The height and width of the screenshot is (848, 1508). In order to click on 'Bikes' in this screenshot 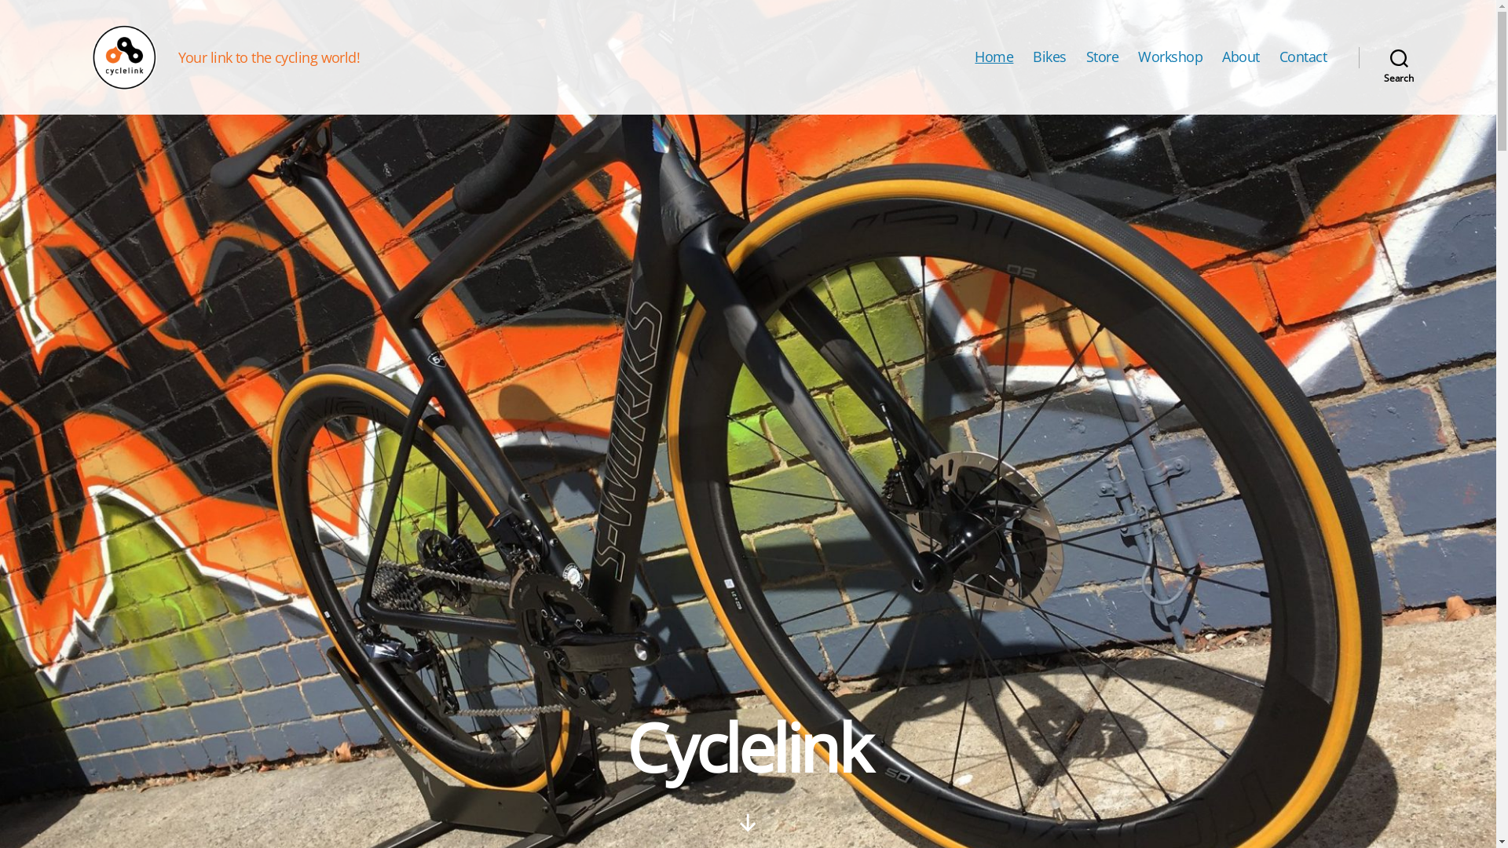, I will do `click(1049, 57)`.